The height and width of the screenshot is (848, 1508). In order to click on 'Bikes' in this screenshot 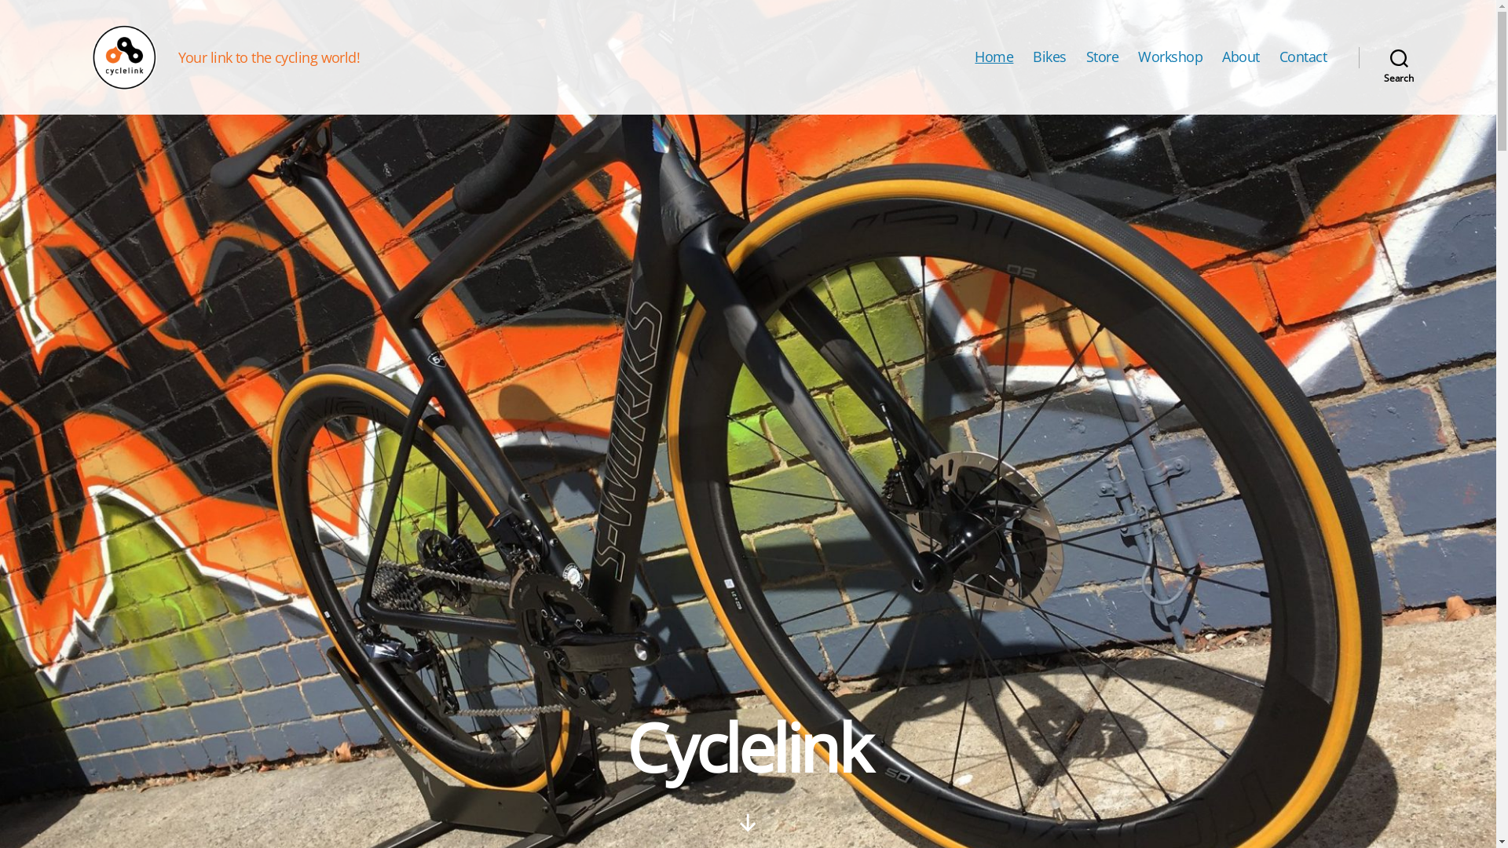, I will do `click(1049, 57)`.